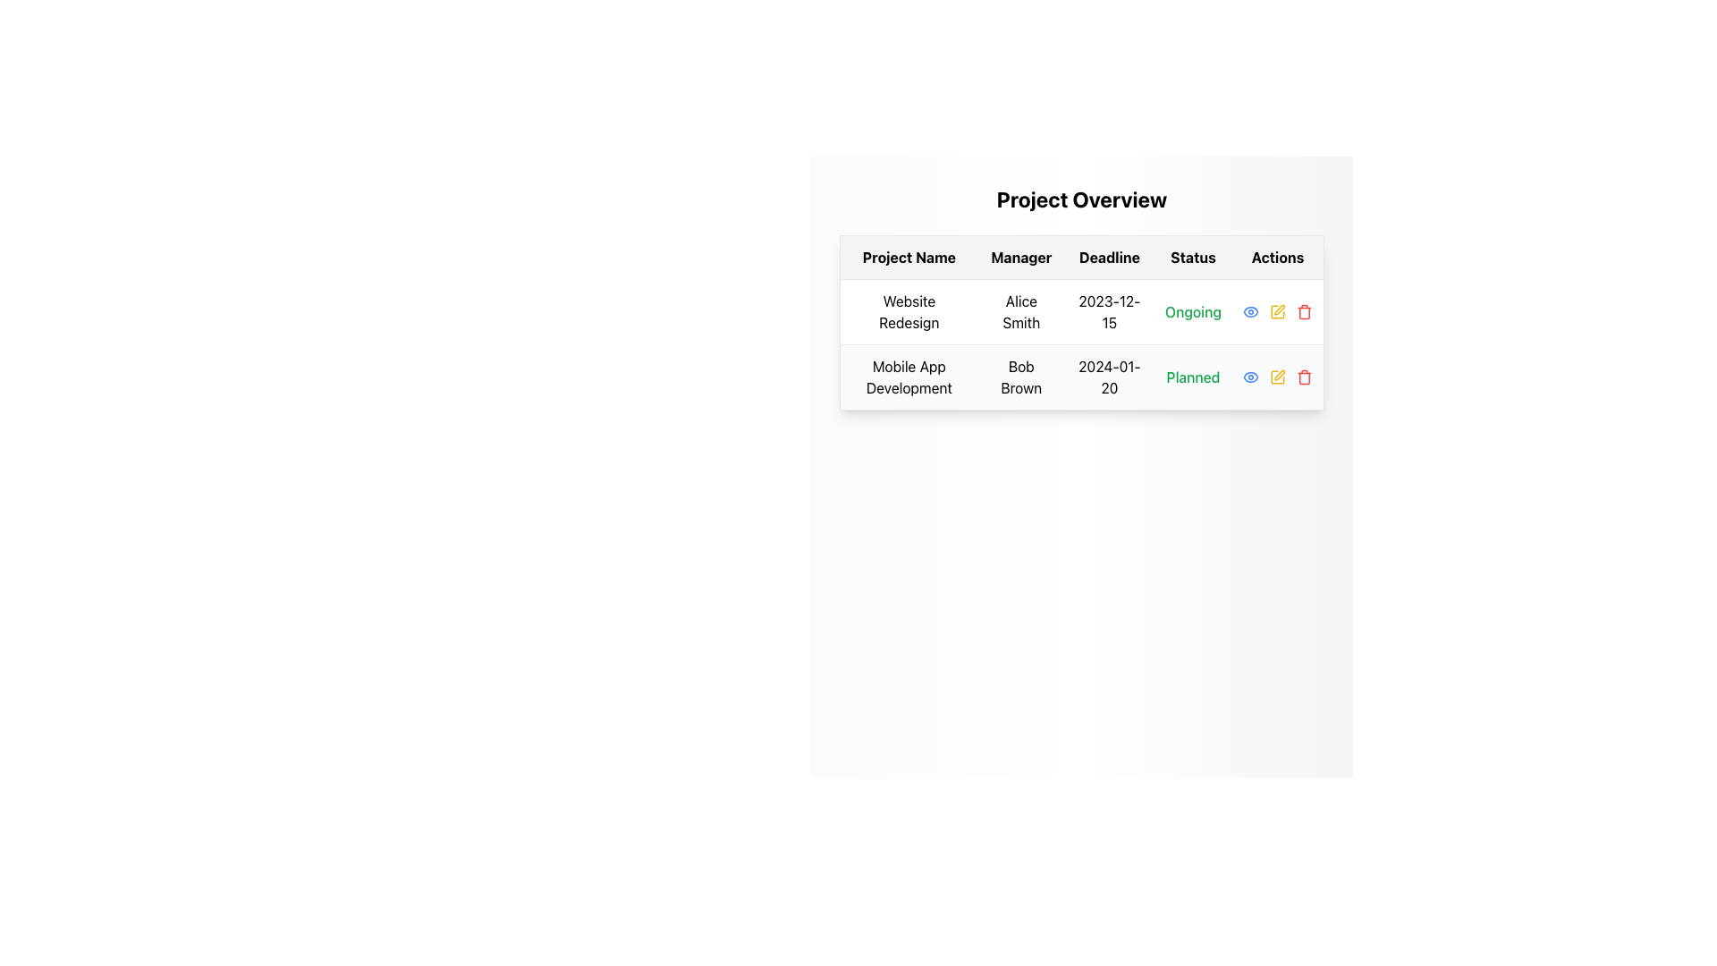 Image resolution: width=1717 pixels, height=966 pixels. Describe the element at coordinates (1304, 310) in the screenshot. I see `the red trash bin icon located at the rightmost side of the 'Actions' column in the second row of the table` at that location.